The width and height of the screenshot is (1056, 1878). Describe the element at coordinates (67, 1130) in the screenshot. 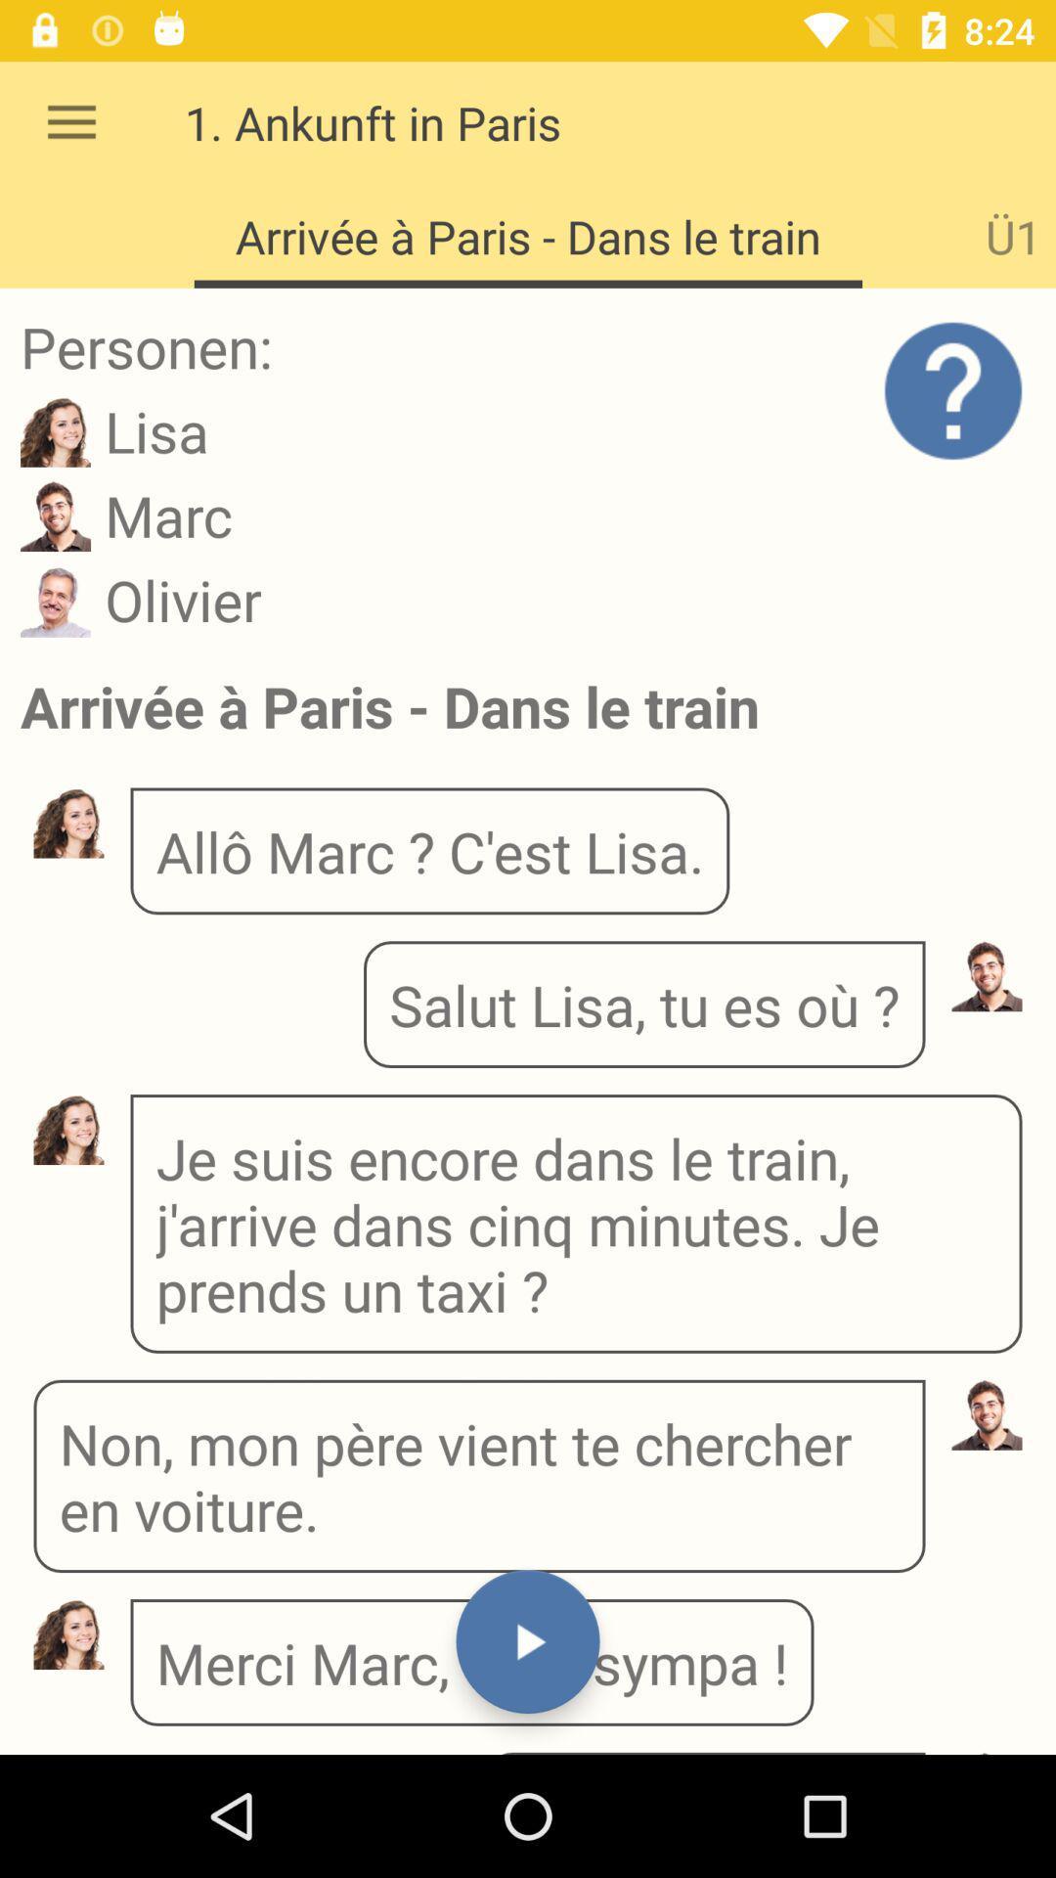

I see `the avatar icon` at that location.